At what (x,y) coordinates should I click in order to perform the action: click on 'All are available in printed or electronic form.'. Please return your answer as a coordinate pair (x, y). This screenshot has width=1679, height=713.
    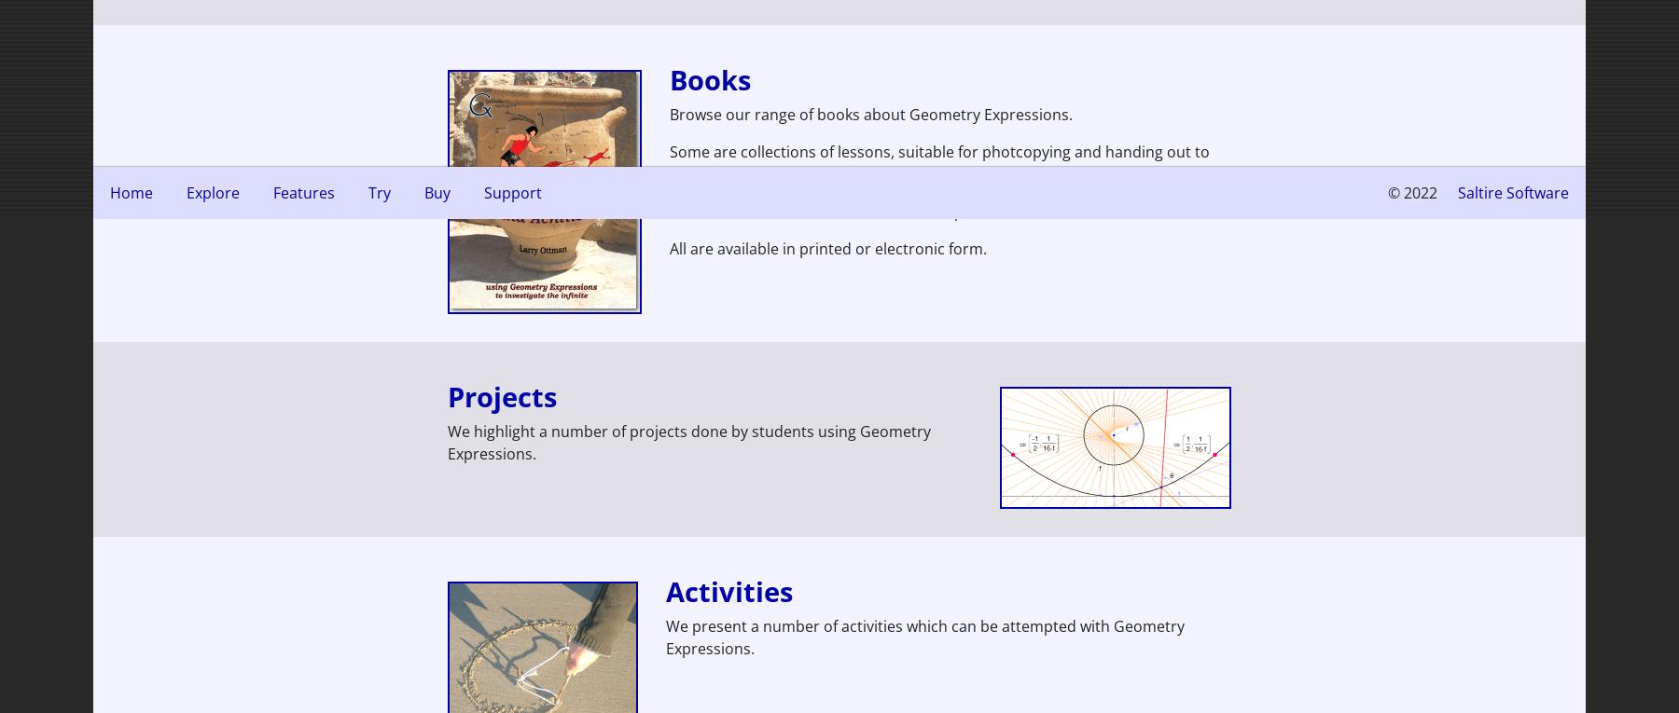
    Looking at the image, I should click on (827, 246).